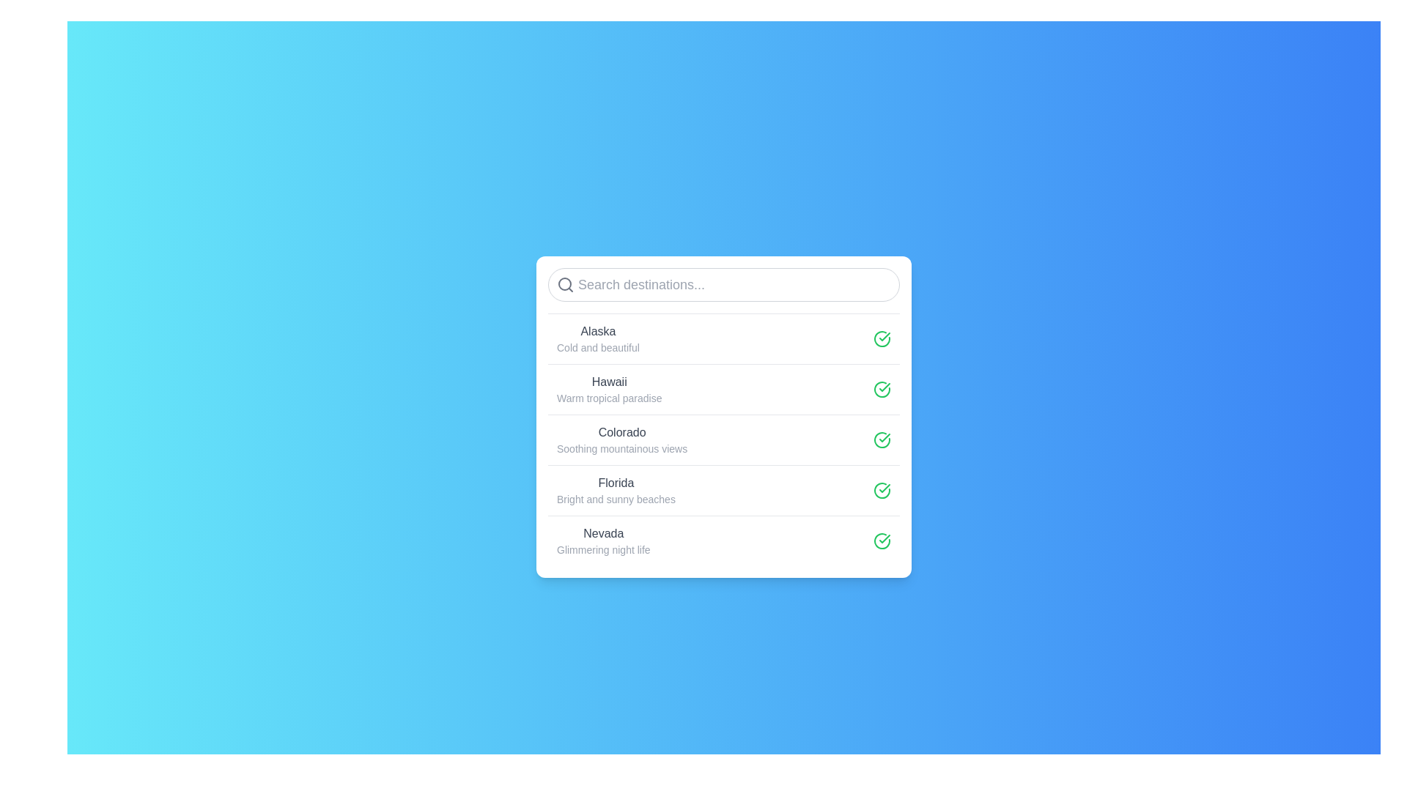  Describe the element at coordinates (622, 448) in the screenshot. I see `the text element displaying 'Soothing mountainous views', which is positioned beneath the 'Colorado' text and aligned to the left in the vertical list` at that location.